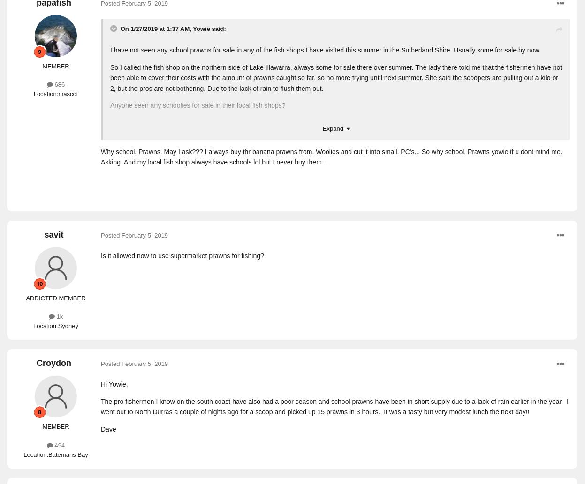 This screenshot has width=585, height=484. I want to click on 'mascot', so click(68, 93).